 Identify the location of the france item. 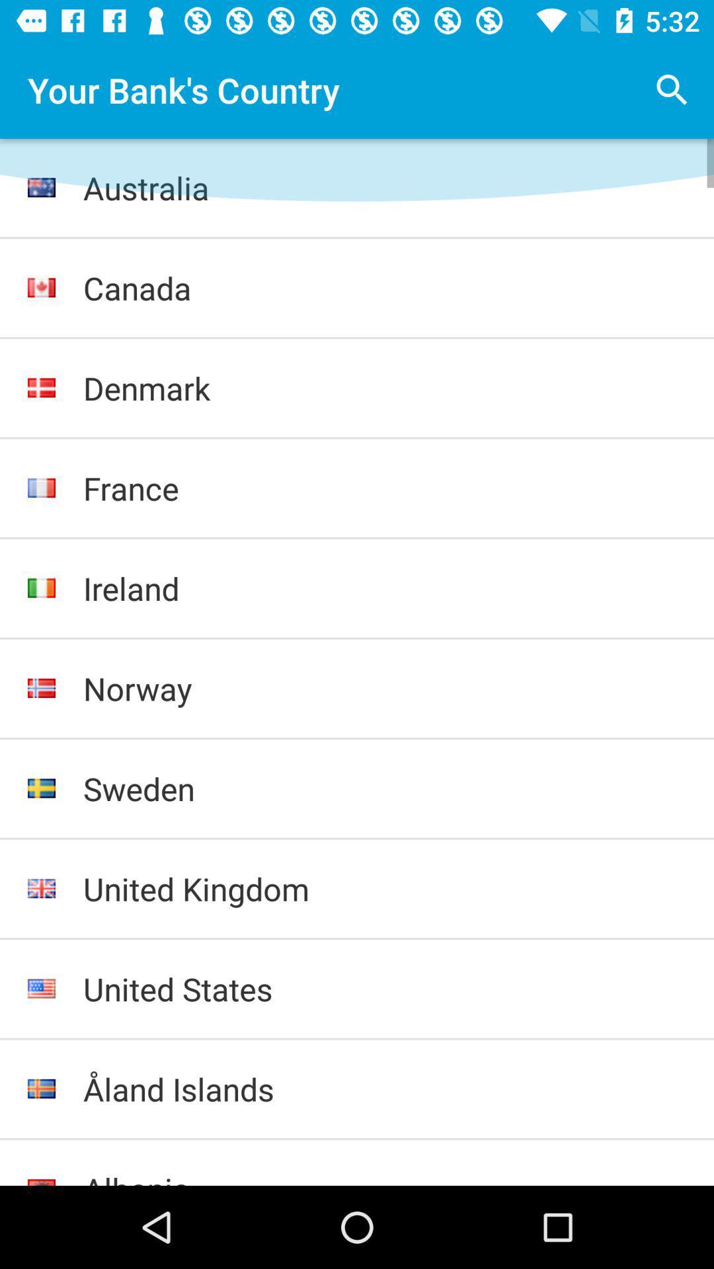
(385, 487).